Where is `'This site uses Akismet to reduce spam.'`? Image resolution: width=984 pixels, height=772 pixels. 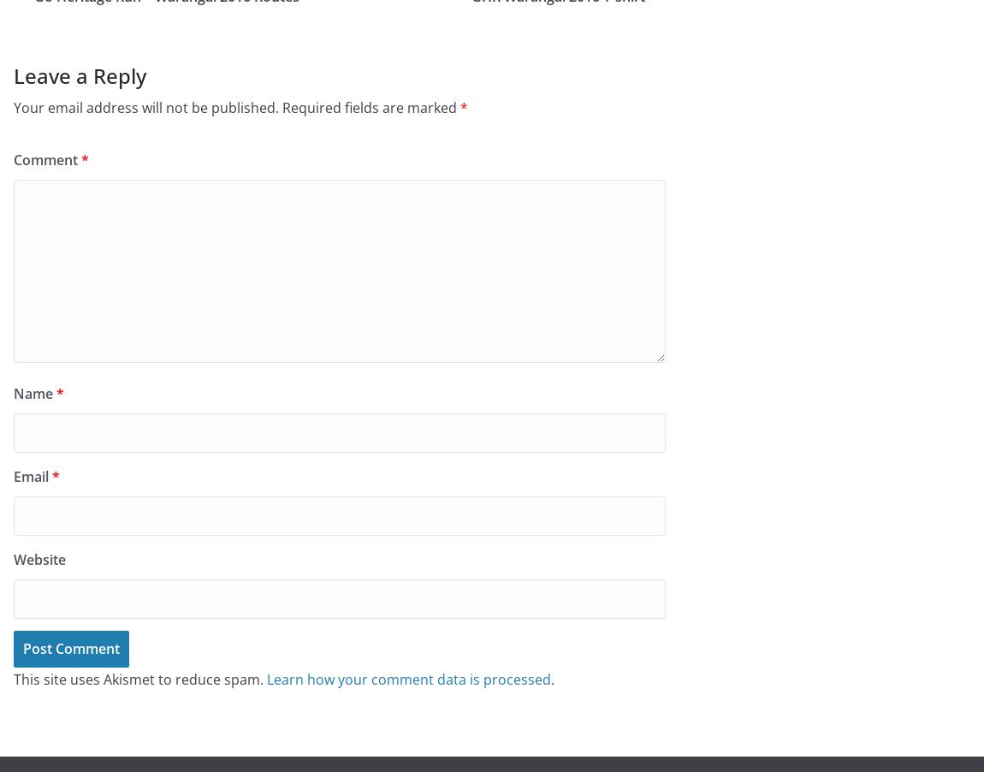 'This site uses Akismet to reduce spam.' is located at coordinates (139, 678).